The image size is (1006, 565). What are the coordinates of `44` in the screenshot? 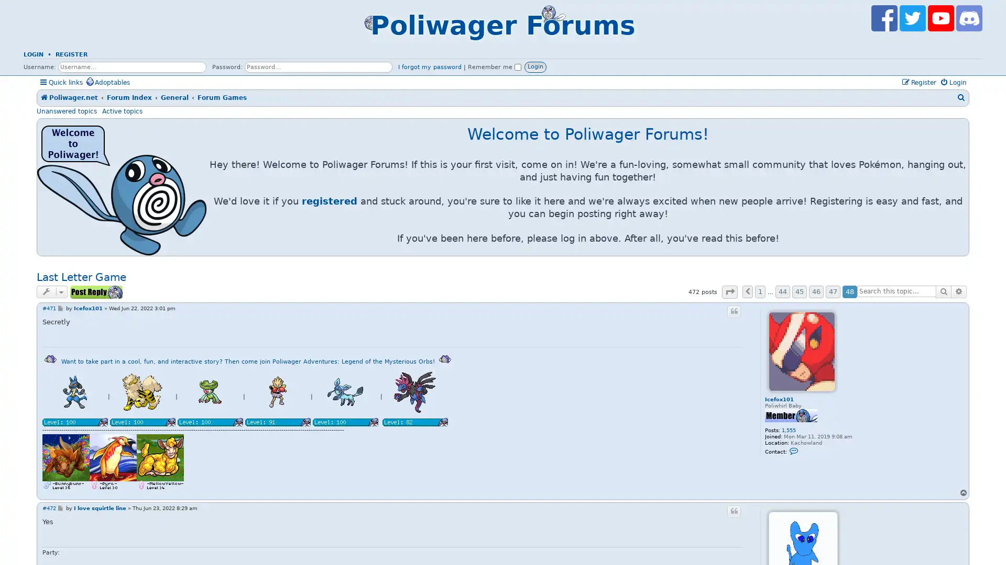 It's located at (782, 292).